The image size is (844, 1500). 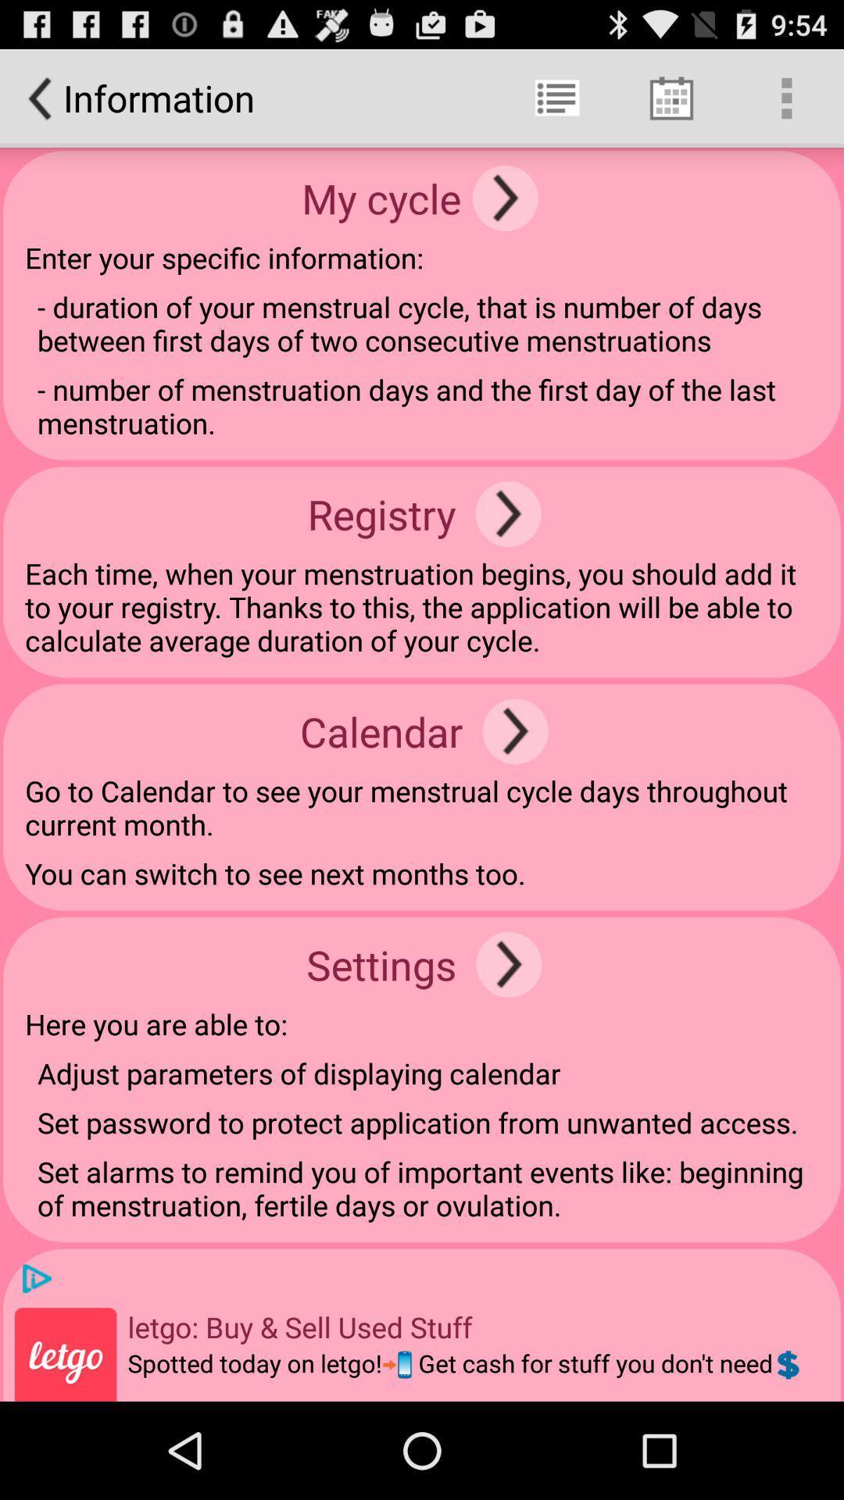 I want to click on the icon next to the registry, so click(x=508, y=514).